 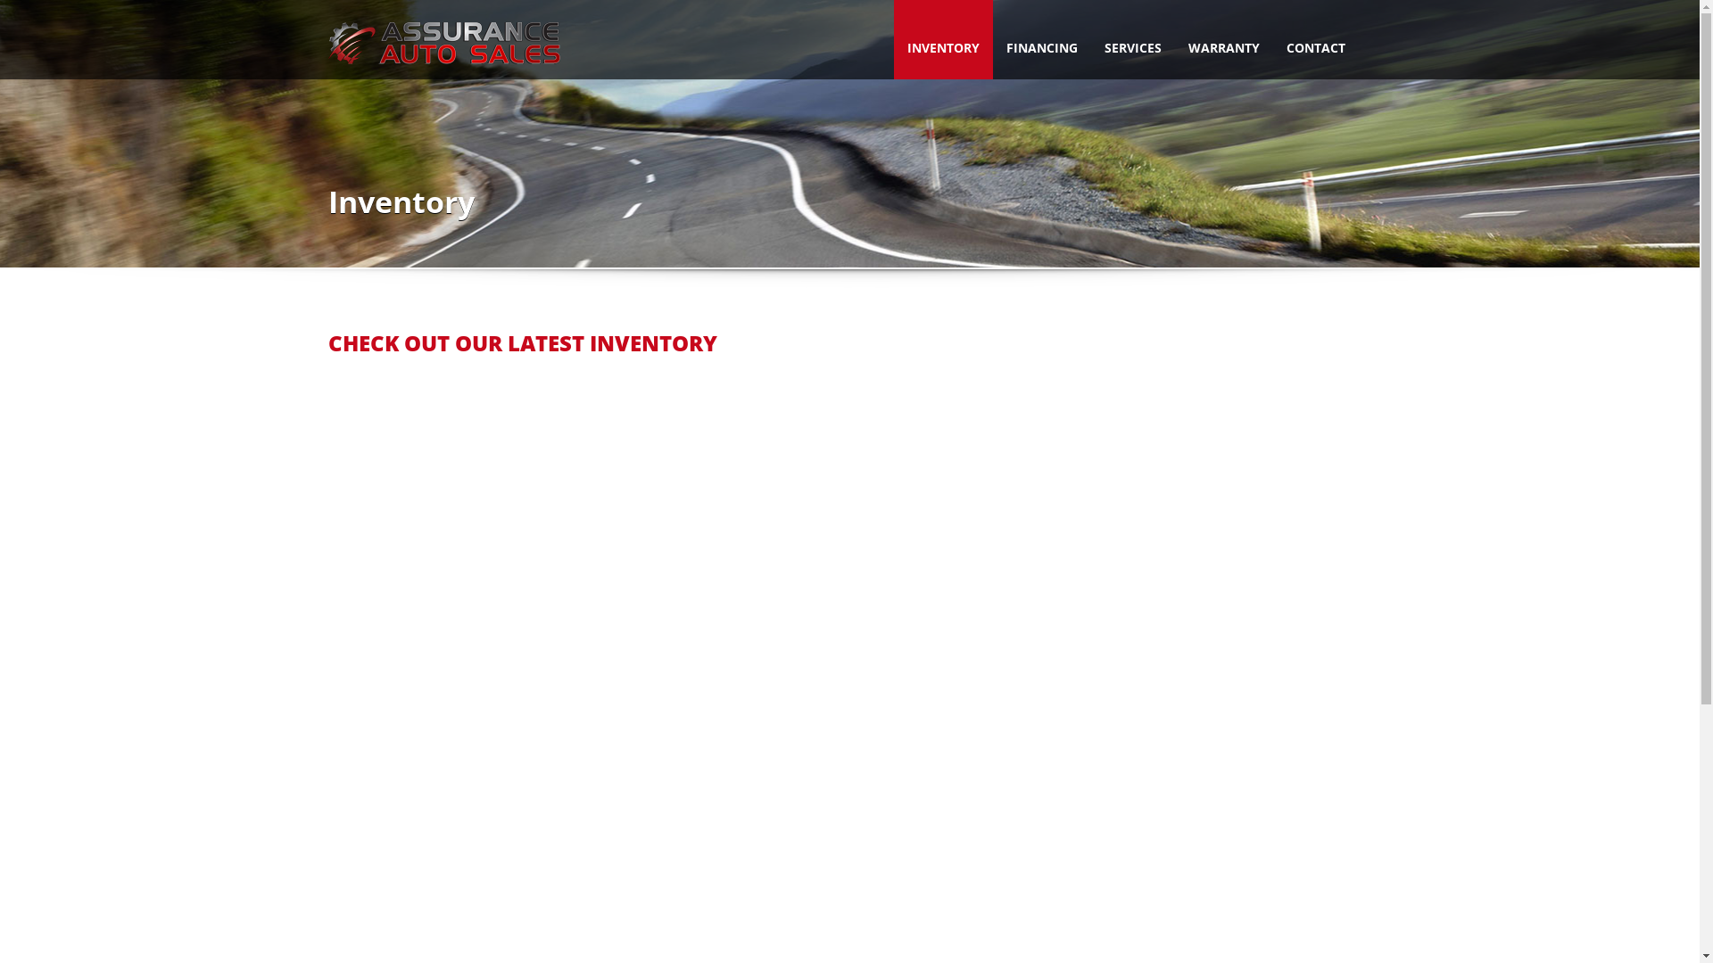 I want to click on 'FINANCING', so click(x=1040, y=39).